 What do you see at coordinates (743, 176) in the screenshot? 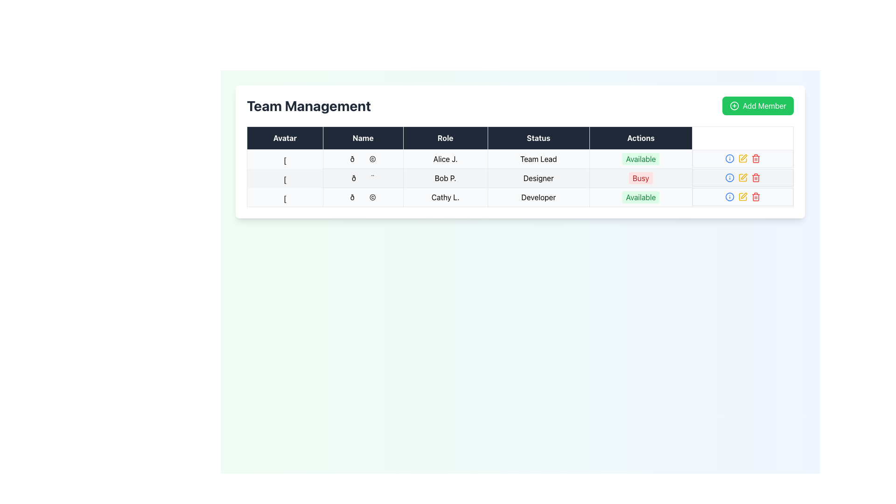
I see `the 'edit' icon button located in the 'Actions' column of the row associated with 'Bob P.'` at bounding box center [743, 176].